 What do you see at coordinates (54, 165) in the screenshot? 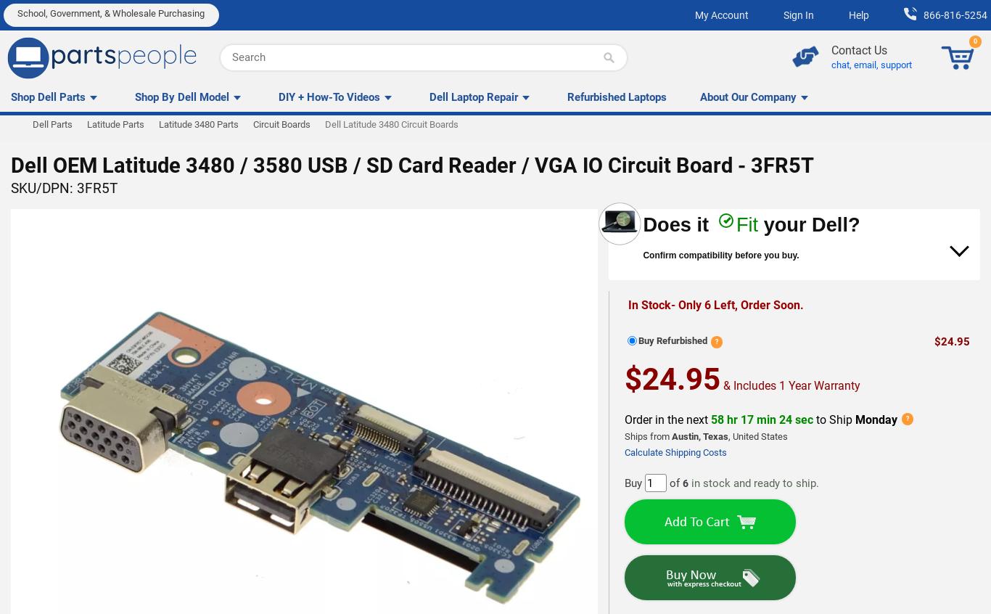
I see `'DC Jacks & Boards'` at bounding box center [54, 165].